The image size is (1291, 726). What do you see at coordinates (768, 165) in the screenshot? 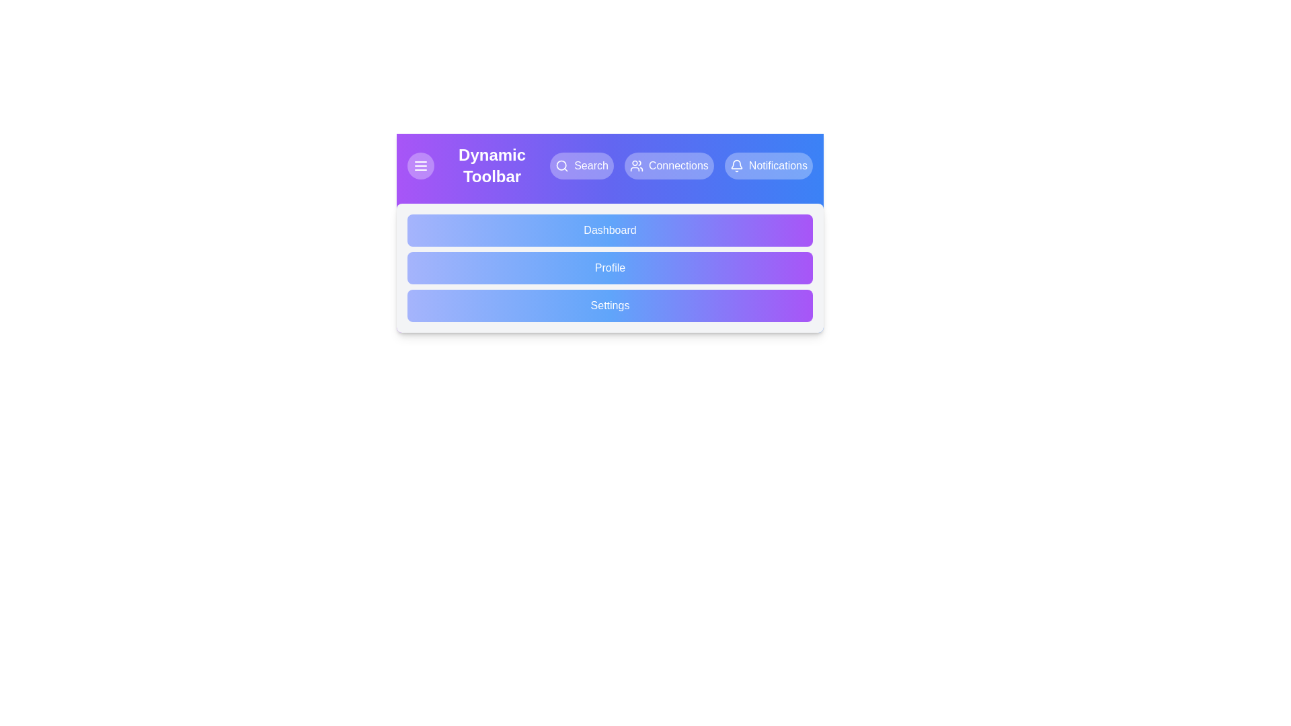
I see `'Notifications' button to check notifications` at bounding box center [768, 165].